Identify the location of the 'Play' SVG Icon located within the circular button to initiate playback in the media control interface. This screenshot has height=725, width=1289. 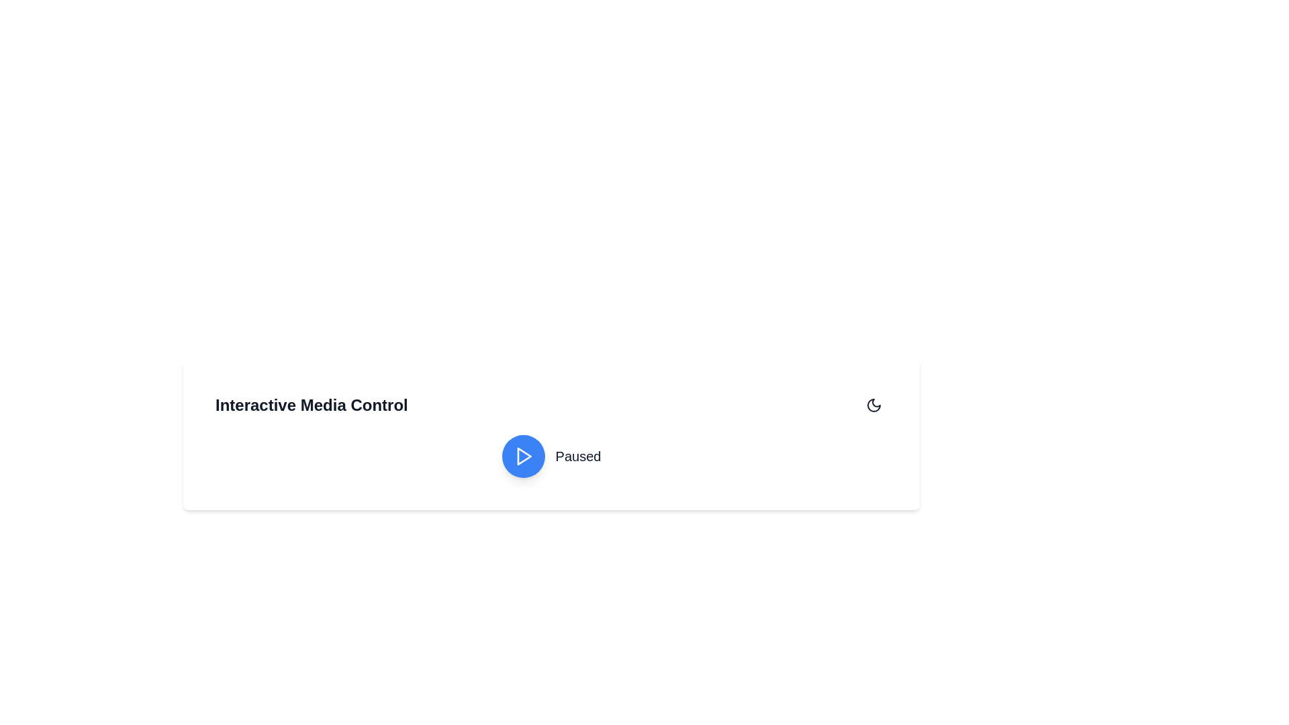
(522, 455).